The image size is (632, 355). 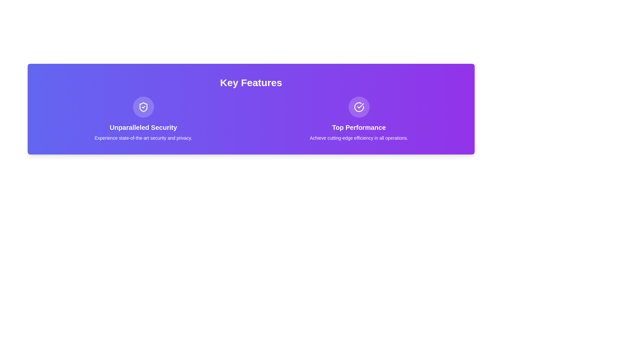 I want to click on the security icon located in the top-left corner of the violet gradient section, which symbolizes protection and is centered above the text 'Unparalleled Security.', so click(x=143, y=107).